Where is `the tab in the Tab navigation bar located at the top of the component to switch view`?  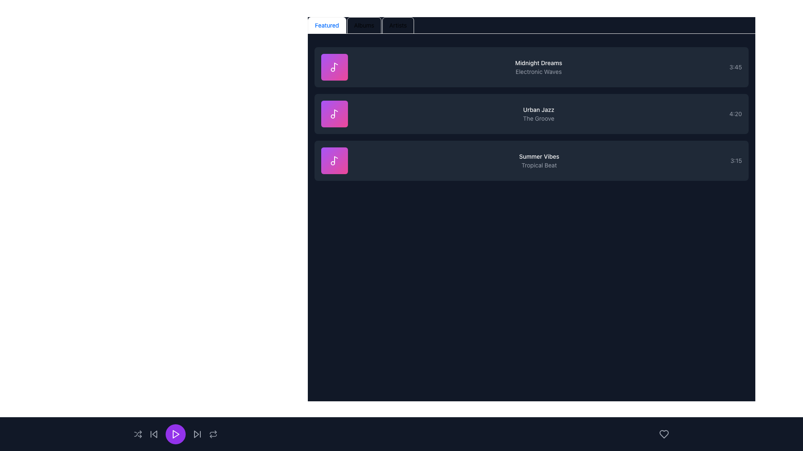 the tab in the Tab navigation bar located at the top of the component to switch view is located at coordinates (531, 25).